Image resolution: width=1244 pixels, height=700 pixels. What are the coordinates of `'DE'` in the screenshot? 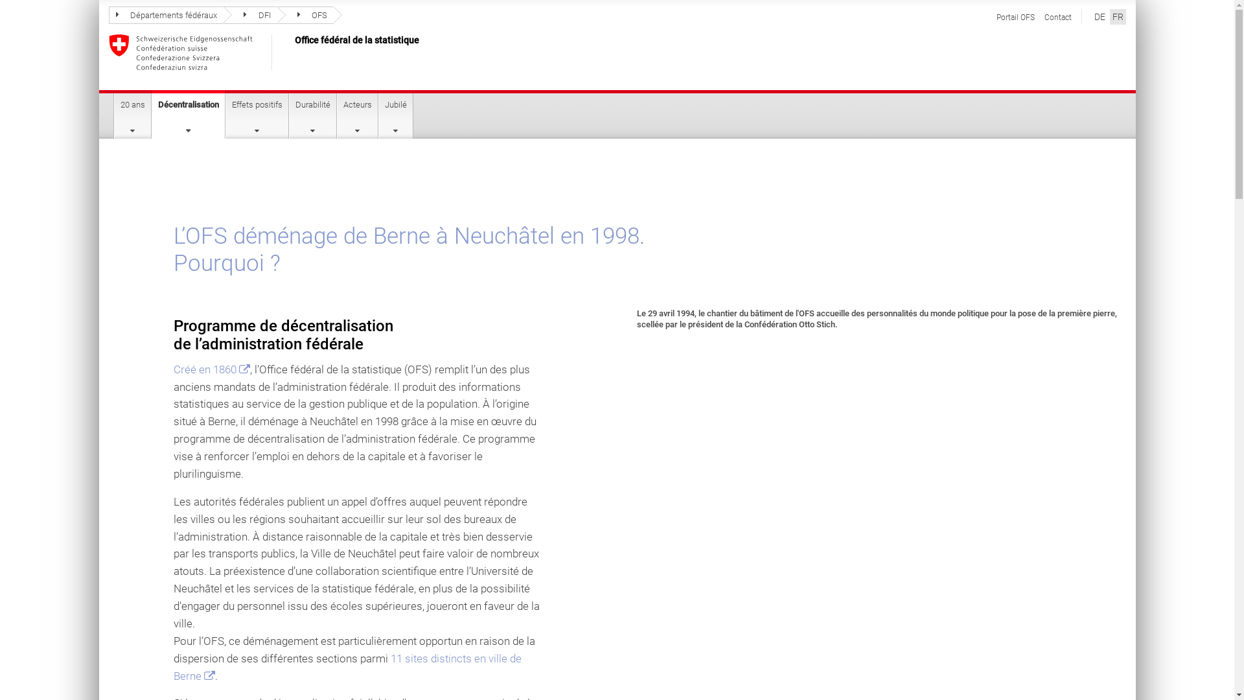 It's located at (1098, 17).